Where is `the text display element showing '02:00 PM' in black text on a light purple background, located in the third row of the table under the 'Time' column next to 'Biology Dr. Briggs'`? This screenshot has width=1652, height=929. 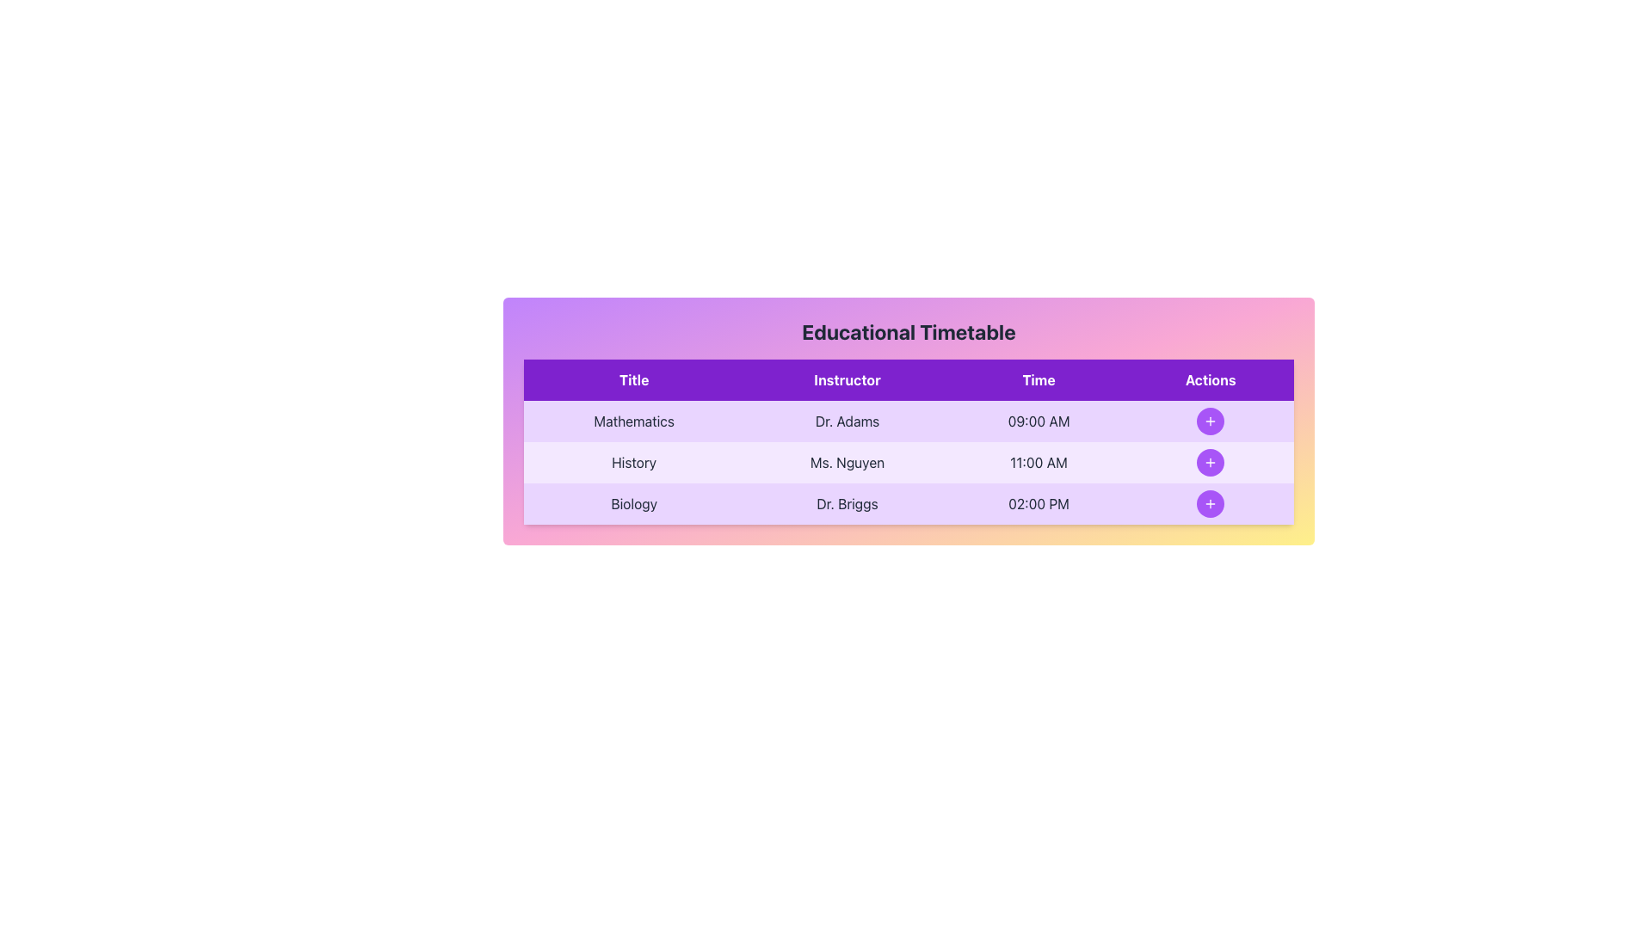 the text display element showing '02:00 PM' in black text on a light purple background, located in the third row of the table under the 'Time' column next to 'Biology Dr. Briggs' is located at coordinates (1038, 503).